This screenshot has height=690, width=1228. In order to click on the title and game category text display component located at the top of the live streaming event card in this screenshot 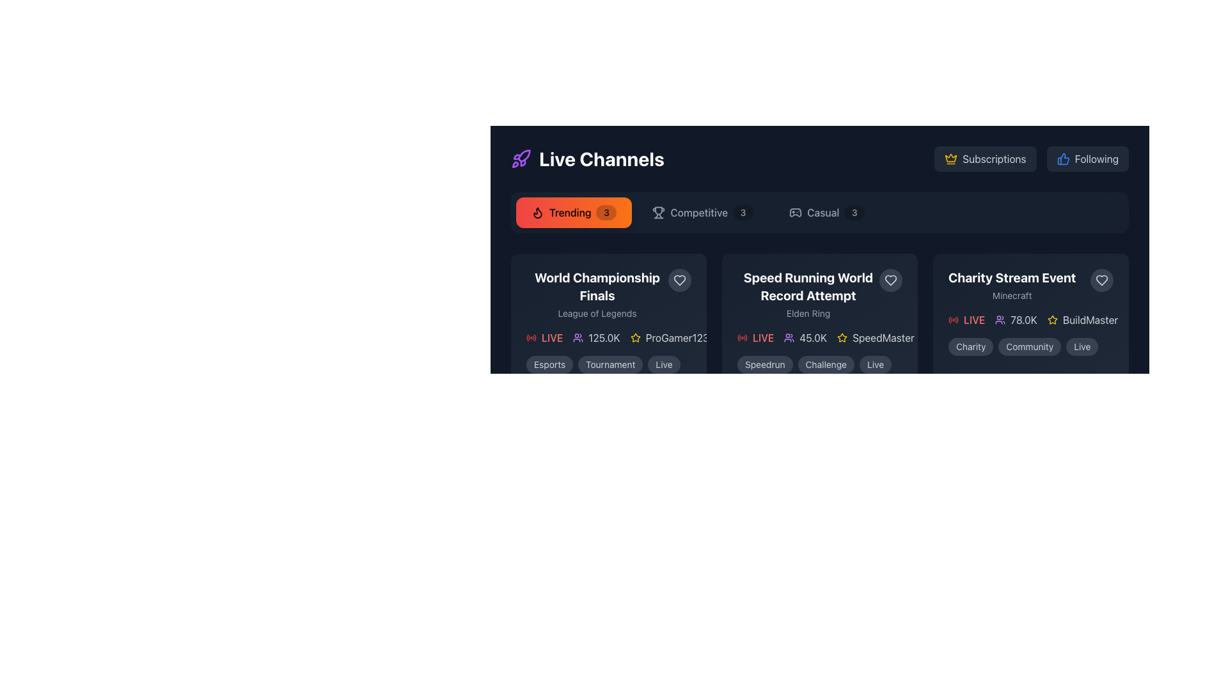, I will do `click(608, 295)`.